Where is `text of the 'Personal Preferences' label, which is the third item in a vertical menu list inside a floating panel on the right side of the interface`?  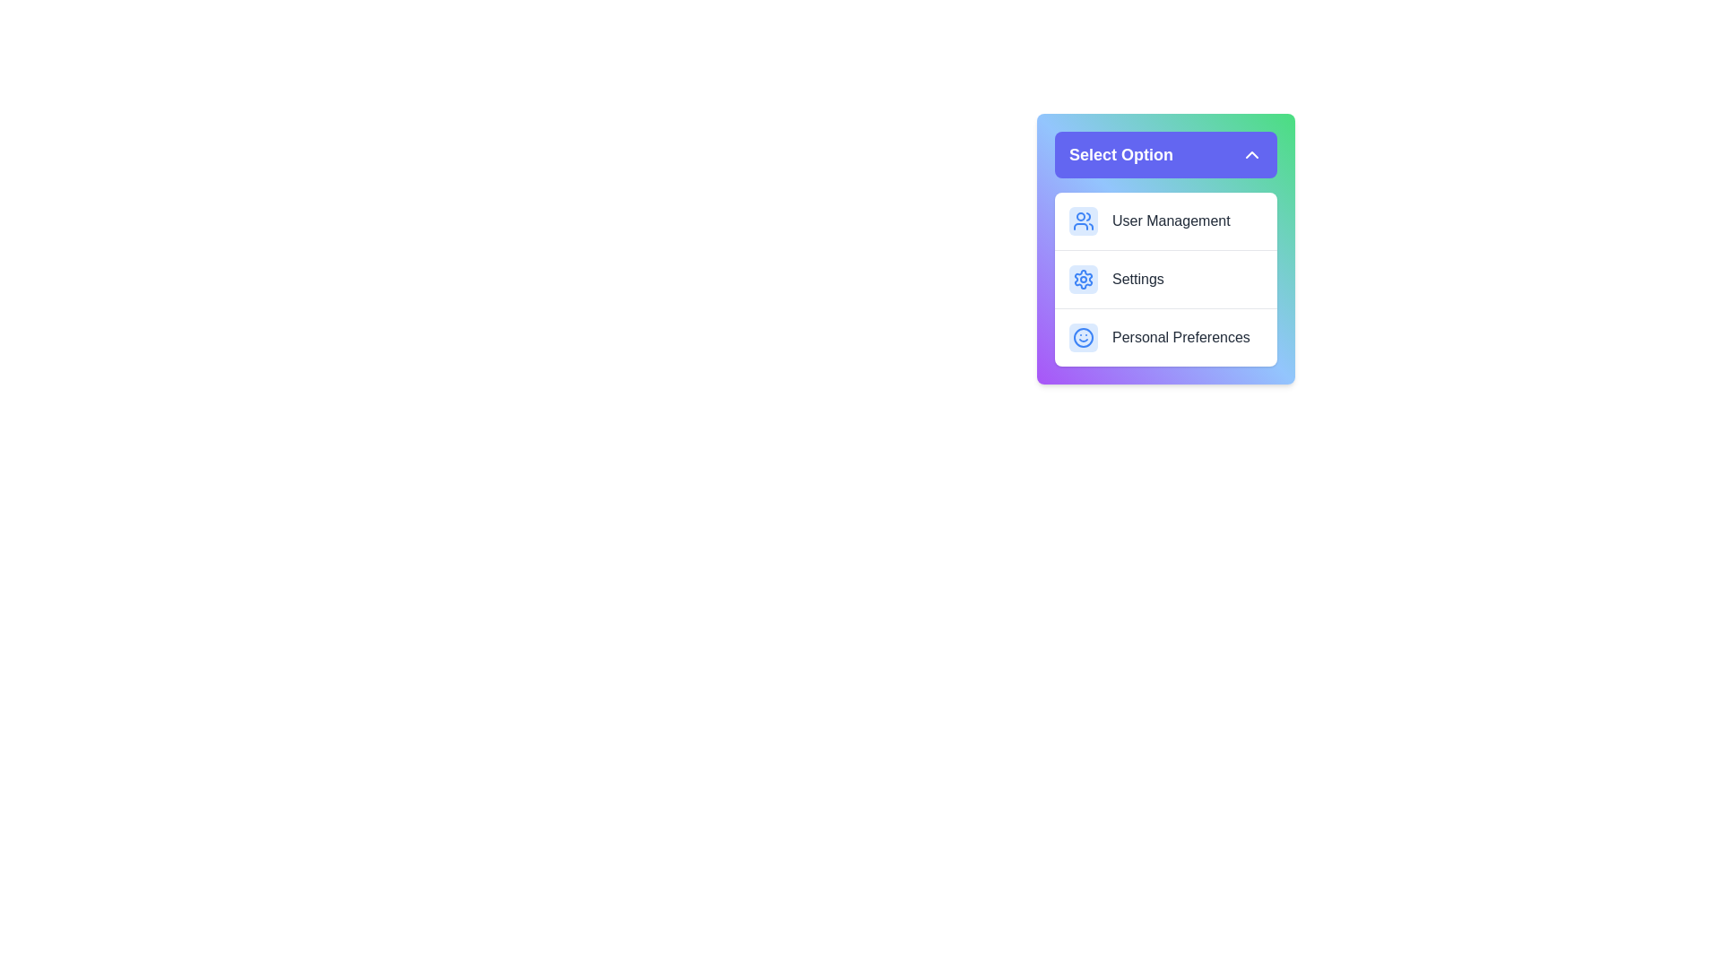 text of the 'Personal Preferences' label, which is the third item in a vertical menu list inside a floating panel on the right side of the interface is located at coordinates (1180, 338).